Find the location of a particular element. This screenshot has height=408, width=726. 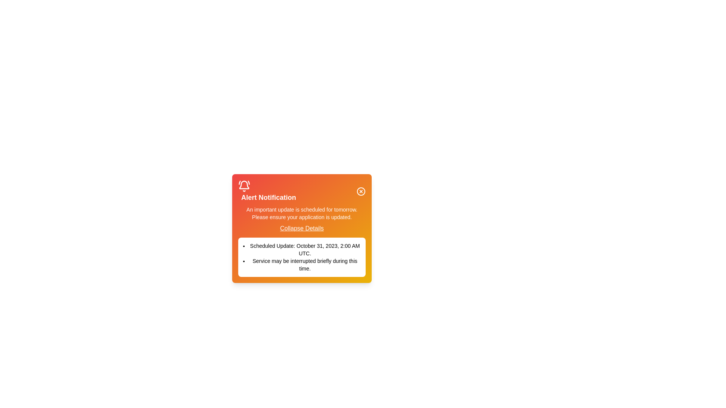

the list item Service may be interrupted briefly during this time. to inspect its details is located at coordinates (301, 264).